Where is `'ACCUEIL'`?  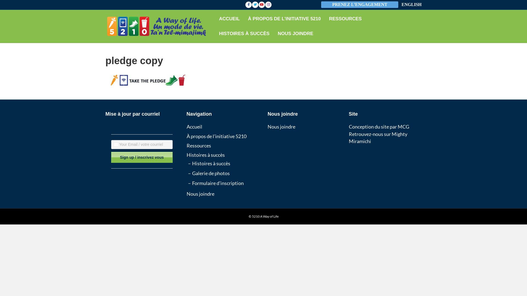 'ACCUEIL' is located at coordinates (229, 19).